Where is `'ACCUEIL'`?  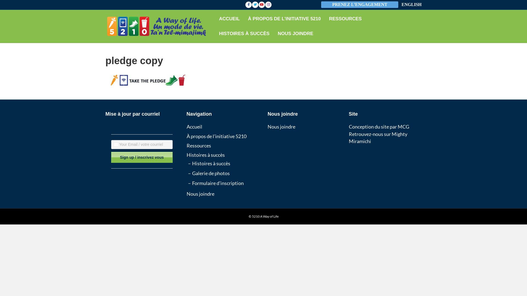 'ACCUEIL' is located at coordinates (229, 19).